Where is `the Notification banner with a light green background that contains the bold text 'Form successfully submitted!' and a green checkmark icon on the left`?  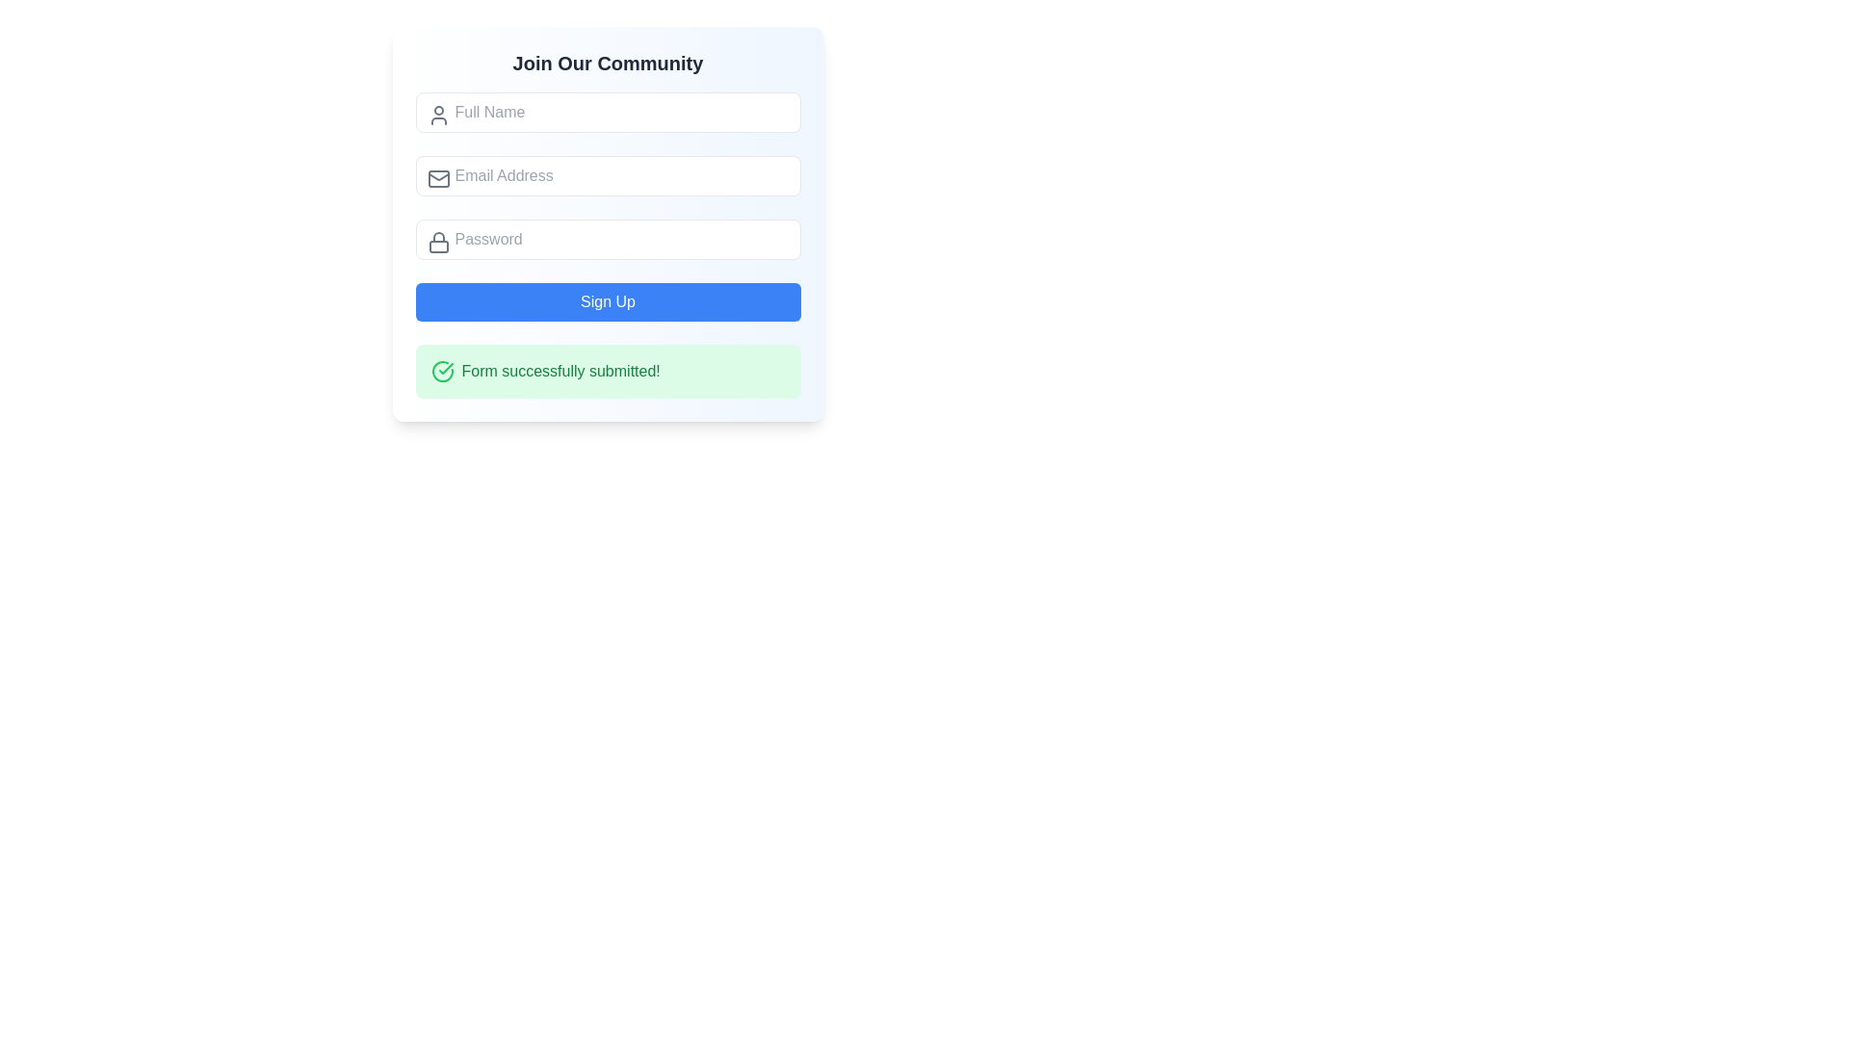
the Notification banner with a light green background that contains the bold text 'Form successfully submitted!' and a green checkmark icon on the left is located at coordinates (607, 371).